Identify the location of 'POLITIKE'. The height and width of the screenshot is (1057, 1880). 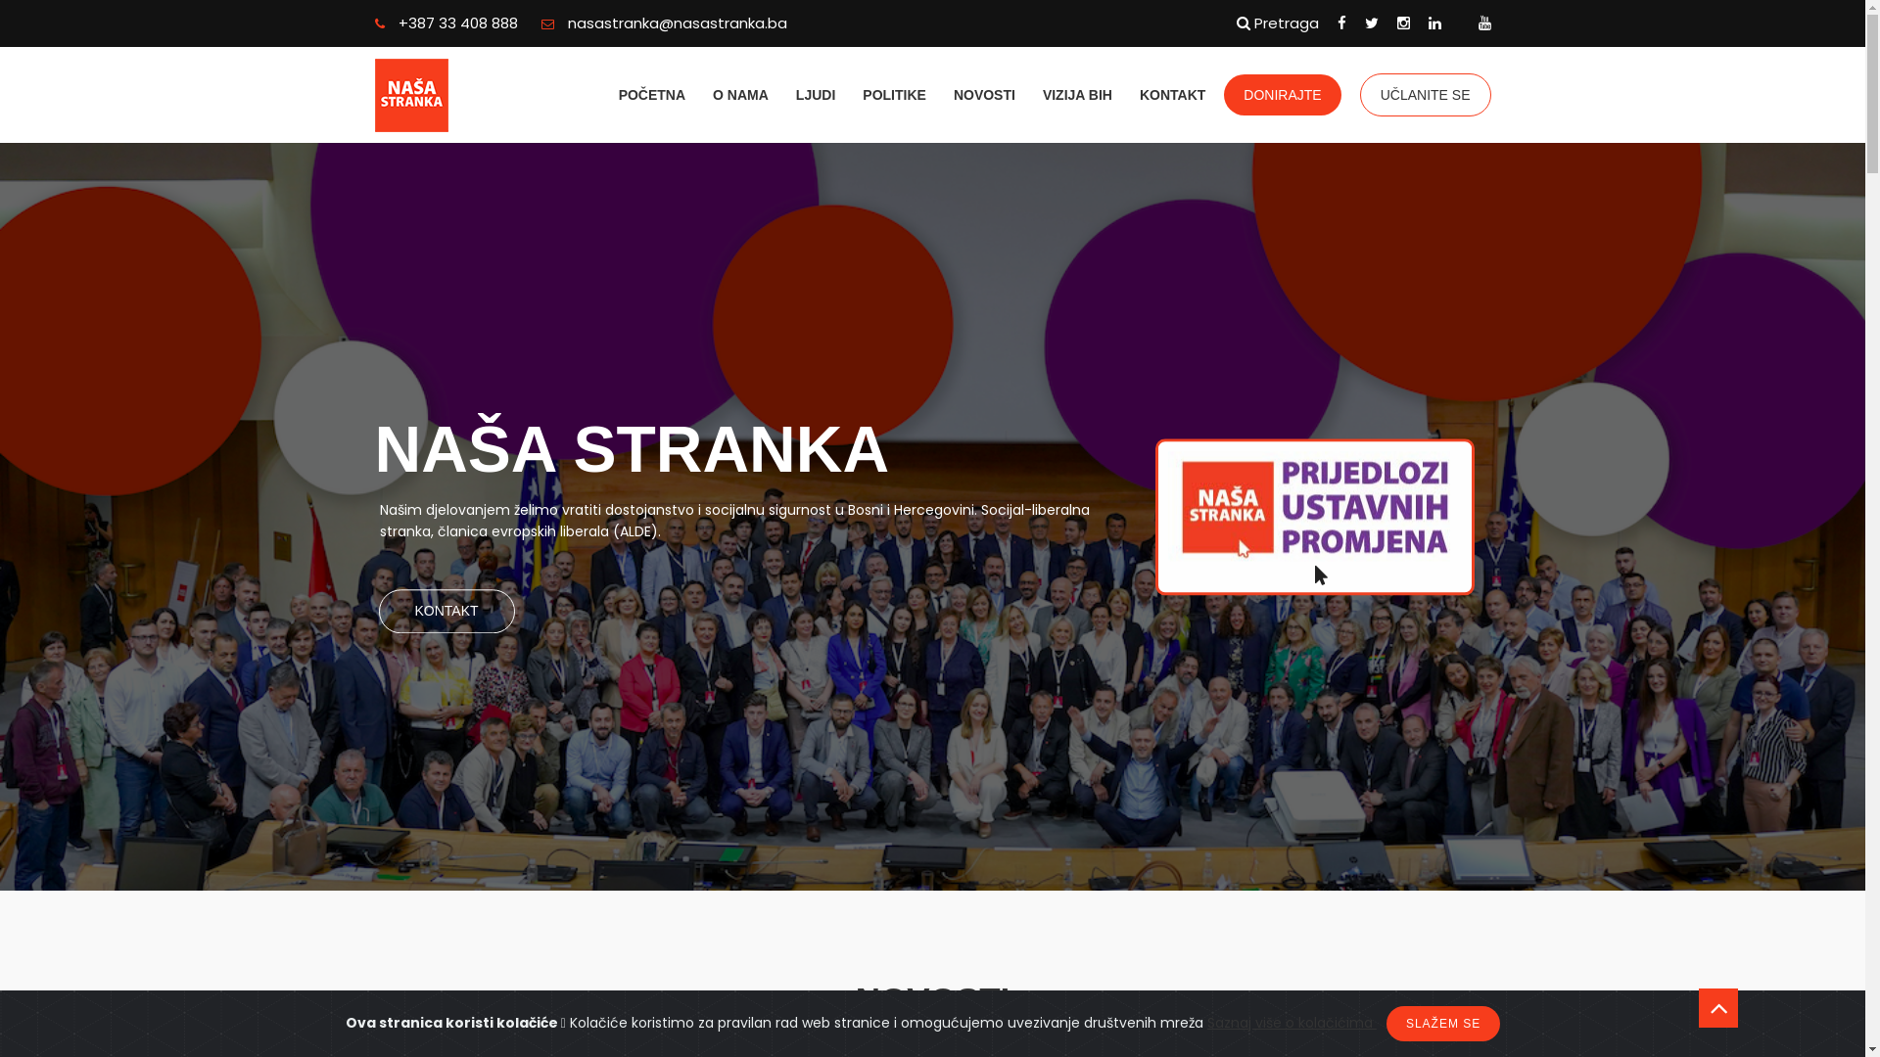
(893, 94).